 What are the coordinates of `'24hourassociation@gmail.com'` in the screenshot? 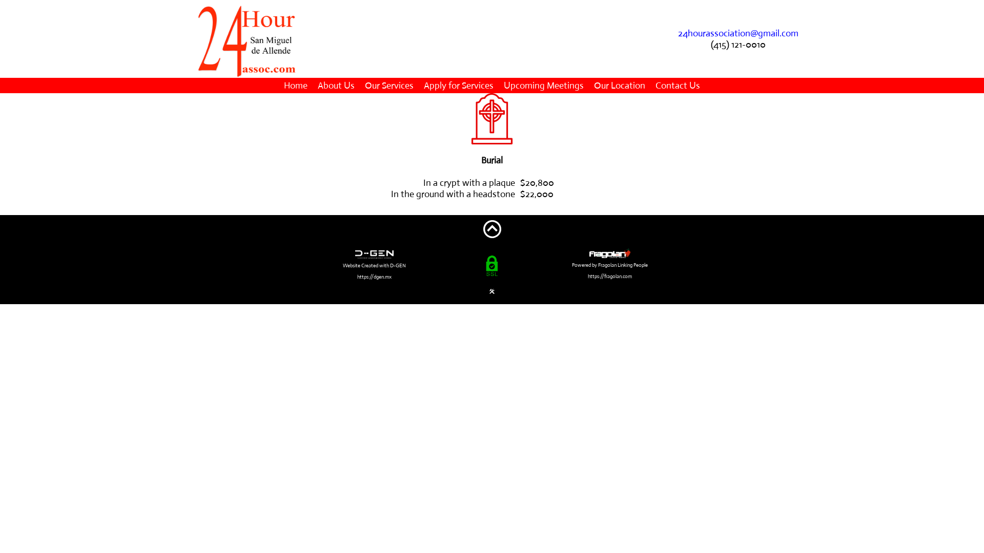 It's located at (737, 33).